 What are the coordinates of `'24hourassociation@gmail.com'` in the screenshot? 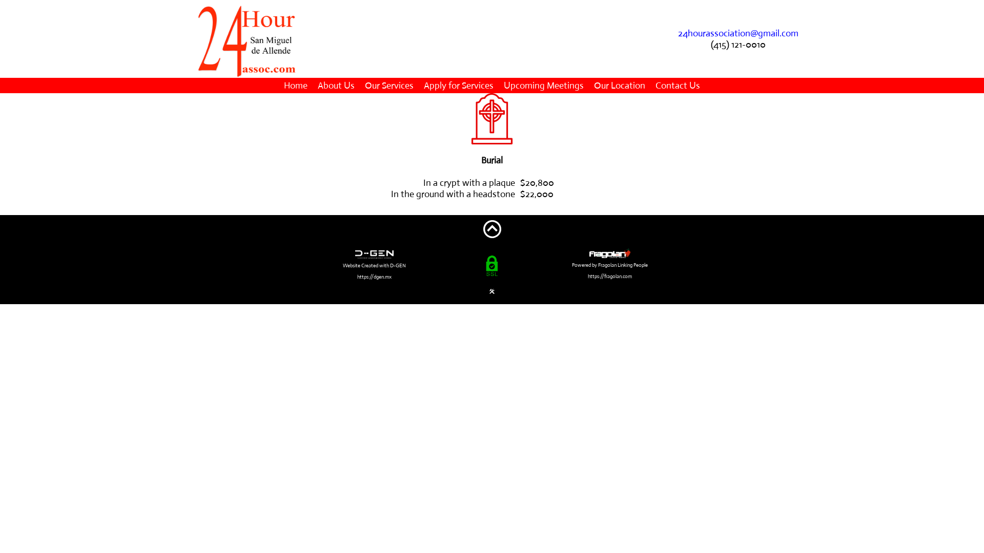 It's located at (737, 33).